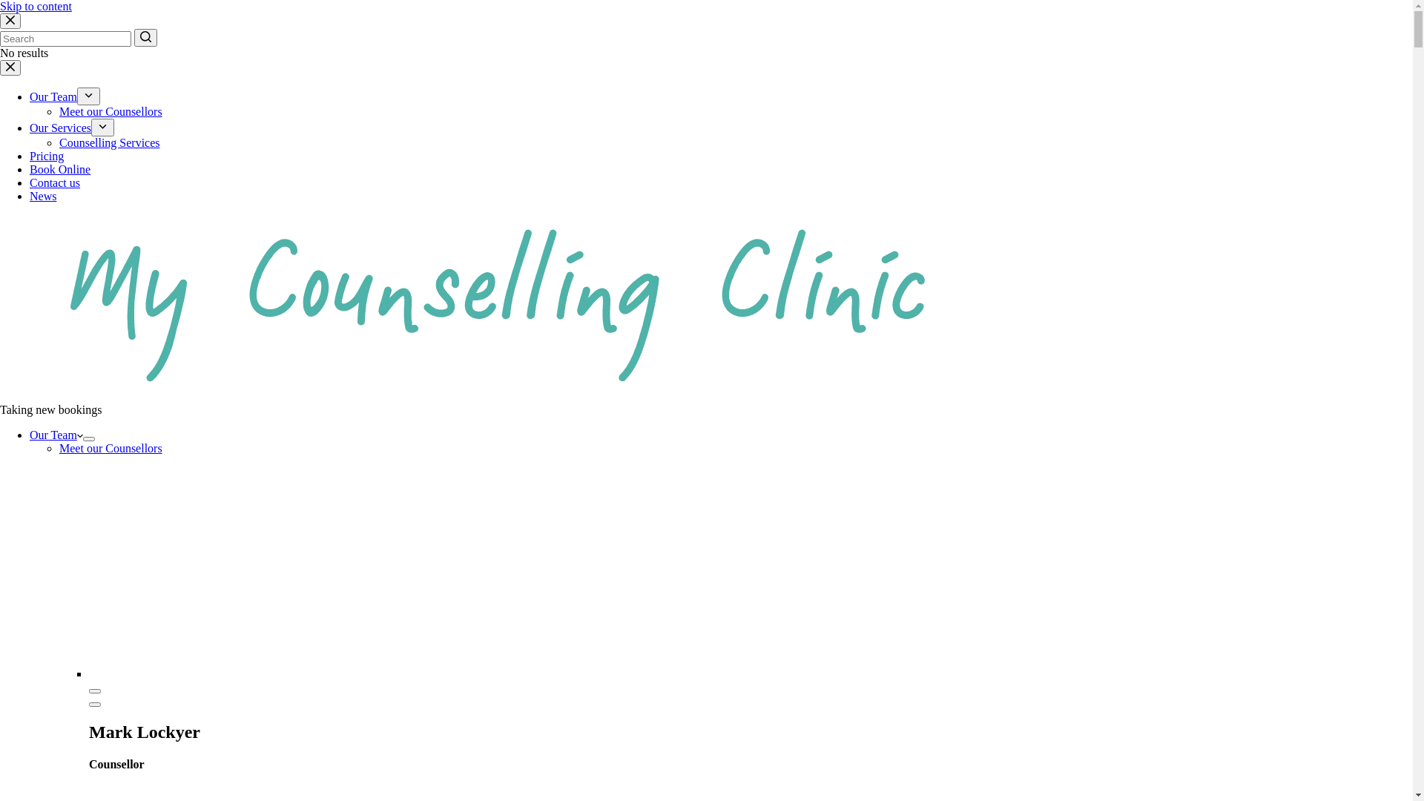  I want to click on 'View Profile', so click(94, 691).